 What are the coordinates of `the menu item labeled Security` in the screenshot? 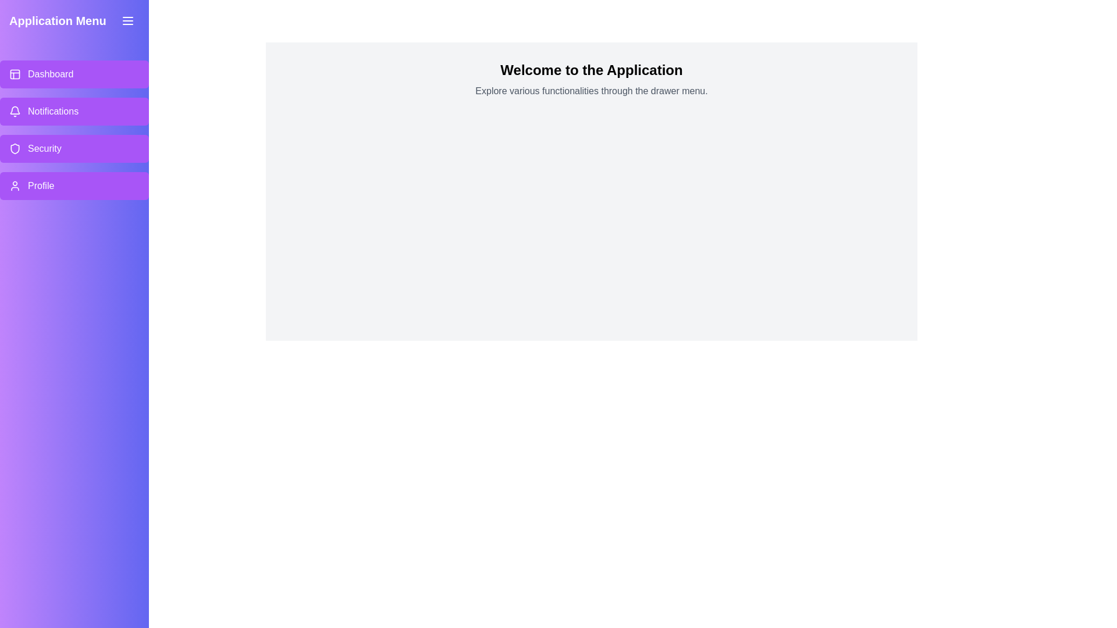 It's located at (74, 148).